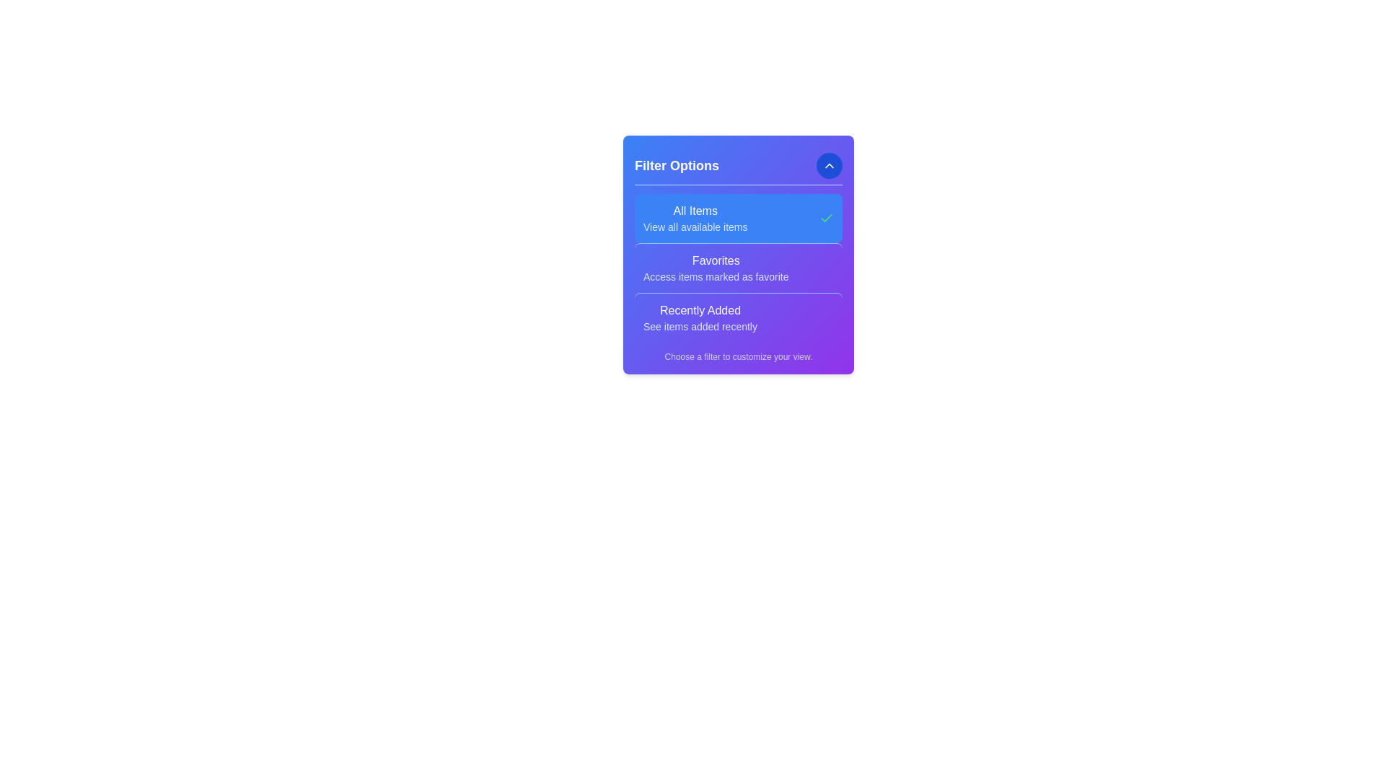 Image resolution: width=1385 pixels, height=779 pixels. I want to click on the filter option All Items, so click(695, 219).